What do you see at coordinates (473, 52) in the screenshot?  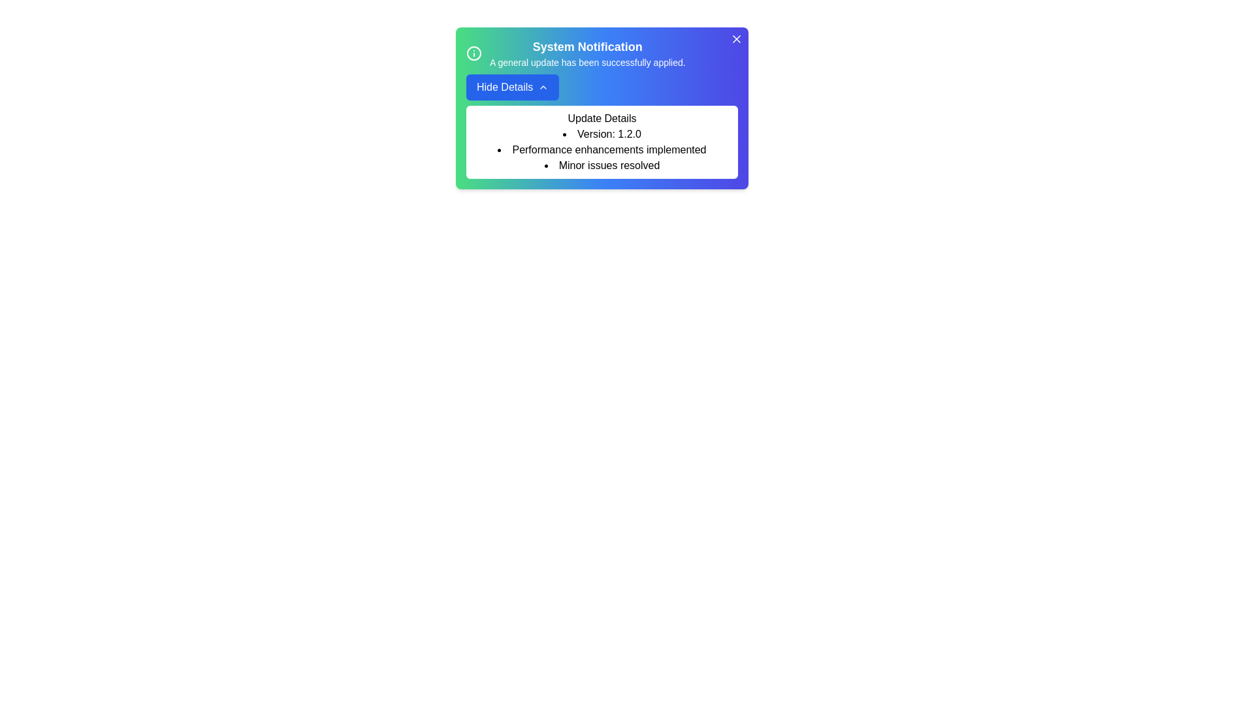 I see `the info icon to perform its associated action` at bounding box center [473, 52].